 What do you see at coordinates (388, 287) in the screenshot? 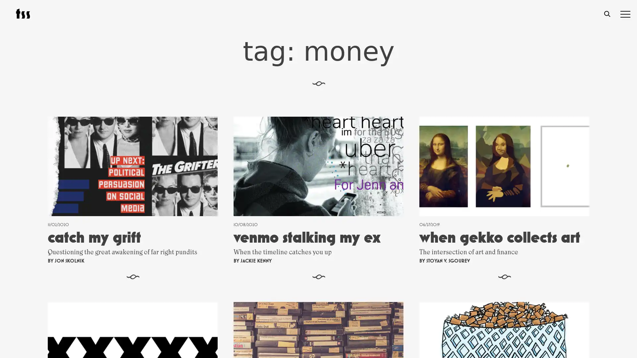
I see `Subscribe` at bounding box center [388, 287].